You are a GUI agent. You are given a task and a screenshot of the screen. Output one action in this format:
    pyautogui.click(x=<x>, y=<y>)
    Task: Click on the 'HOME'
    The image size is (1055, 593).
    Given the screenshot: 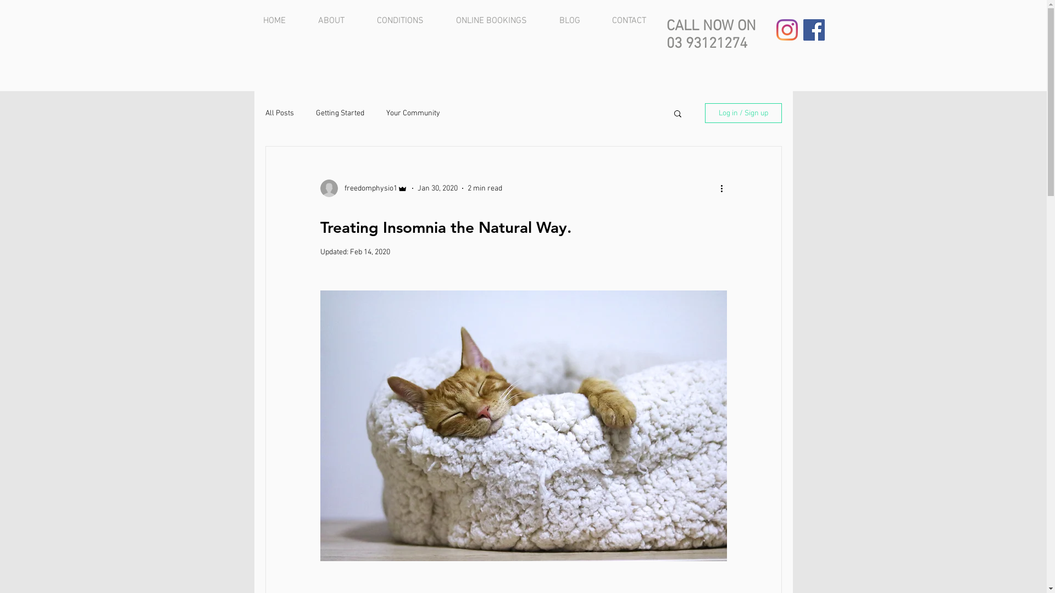 What is the action you would take?
    pyautogui.click(x=282, y=21)
    